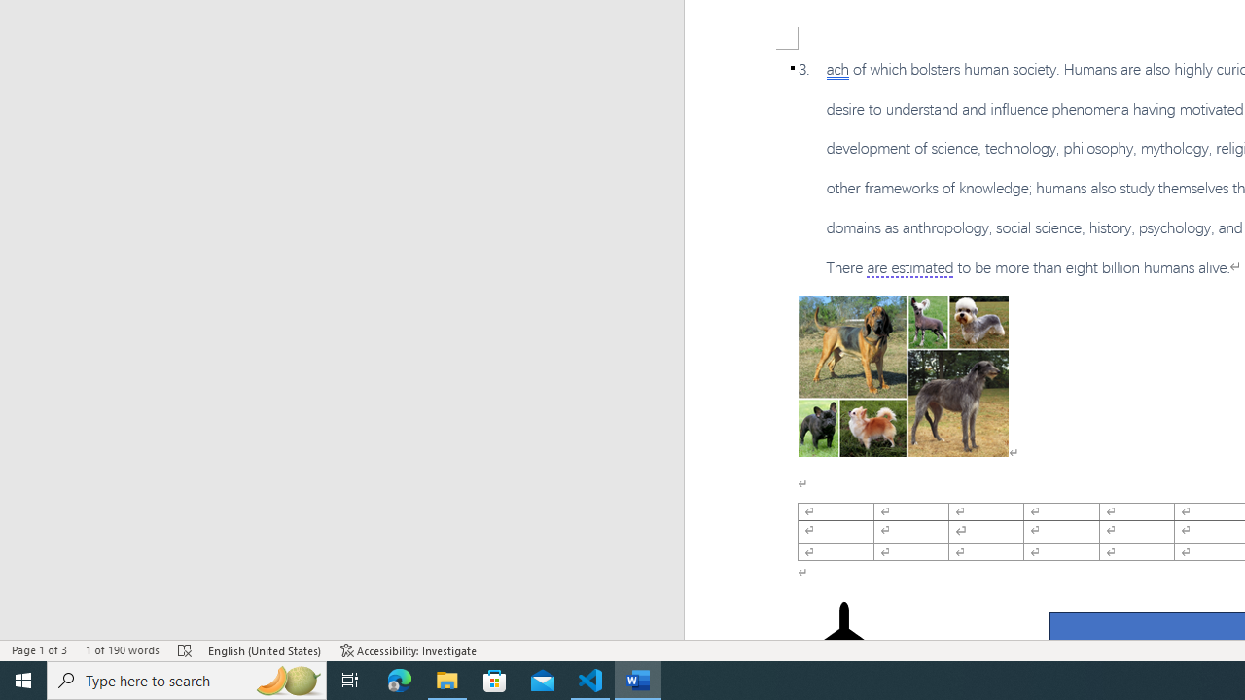  I want to click on 'Accessibility Checker Accessibility: Investigate', so click(408, 650).